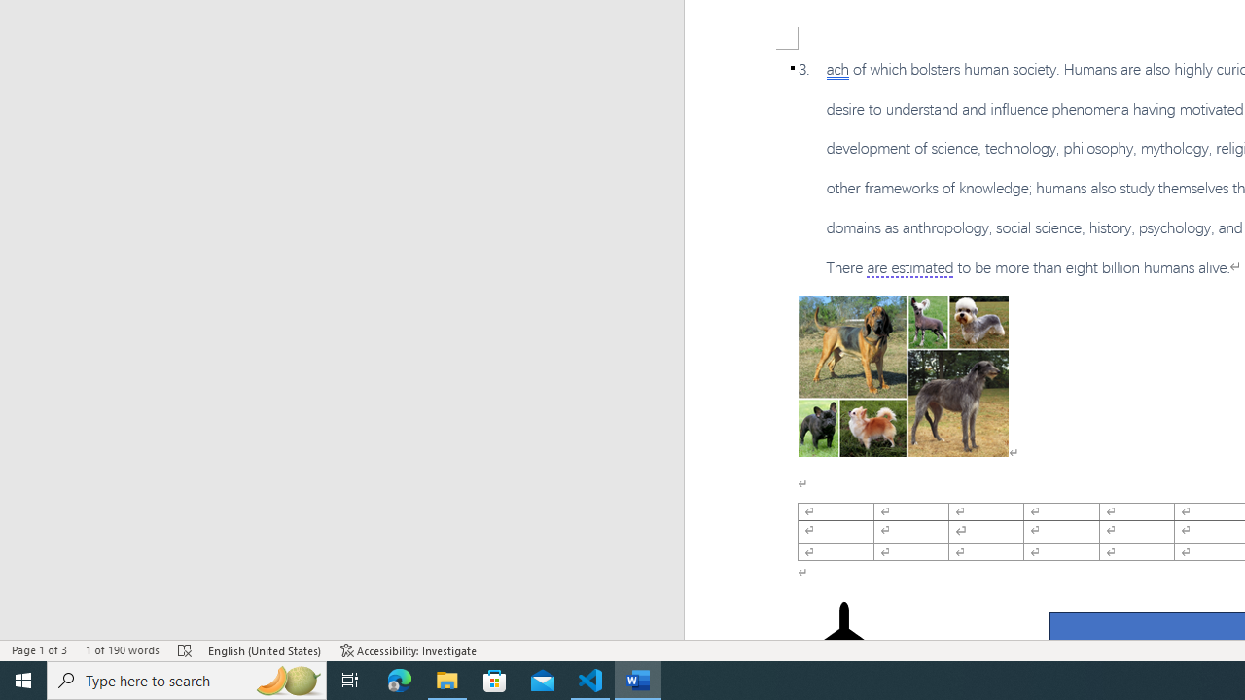  I want to click on 'Accessibility Checker Accessibility: Investigate', so click(408, 650).